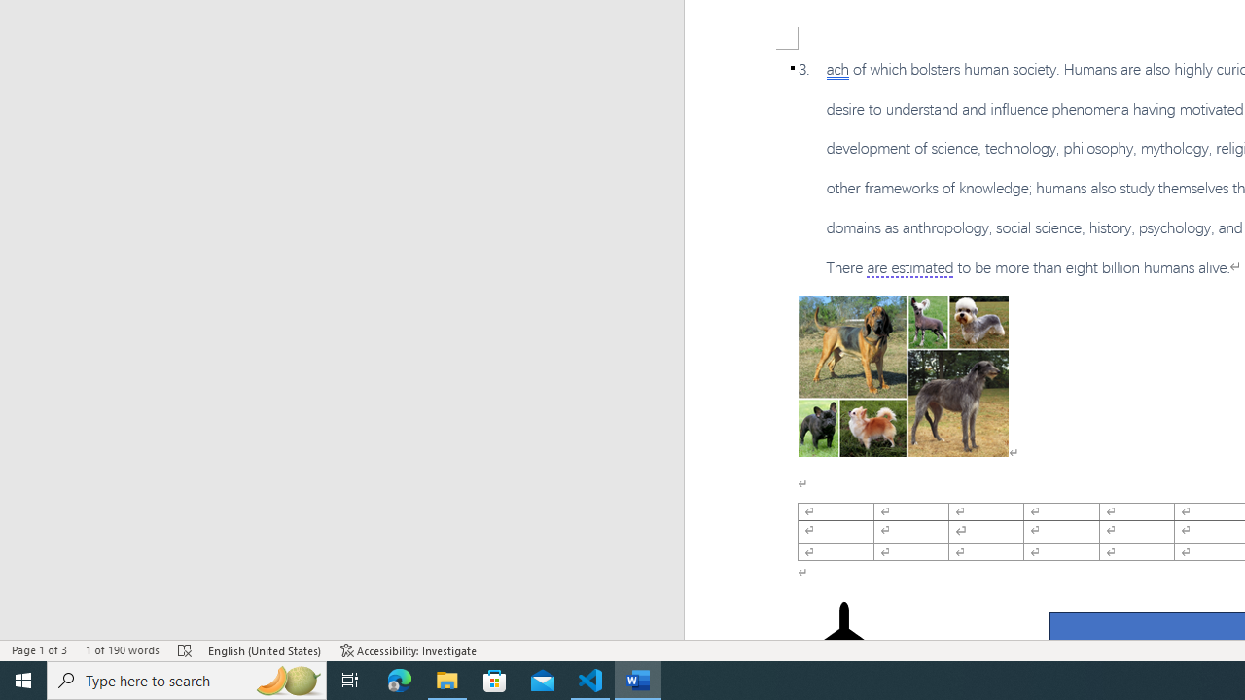  I want to click on 'Accessibility Checker Accessibility: Investigate', so click(408, 650).